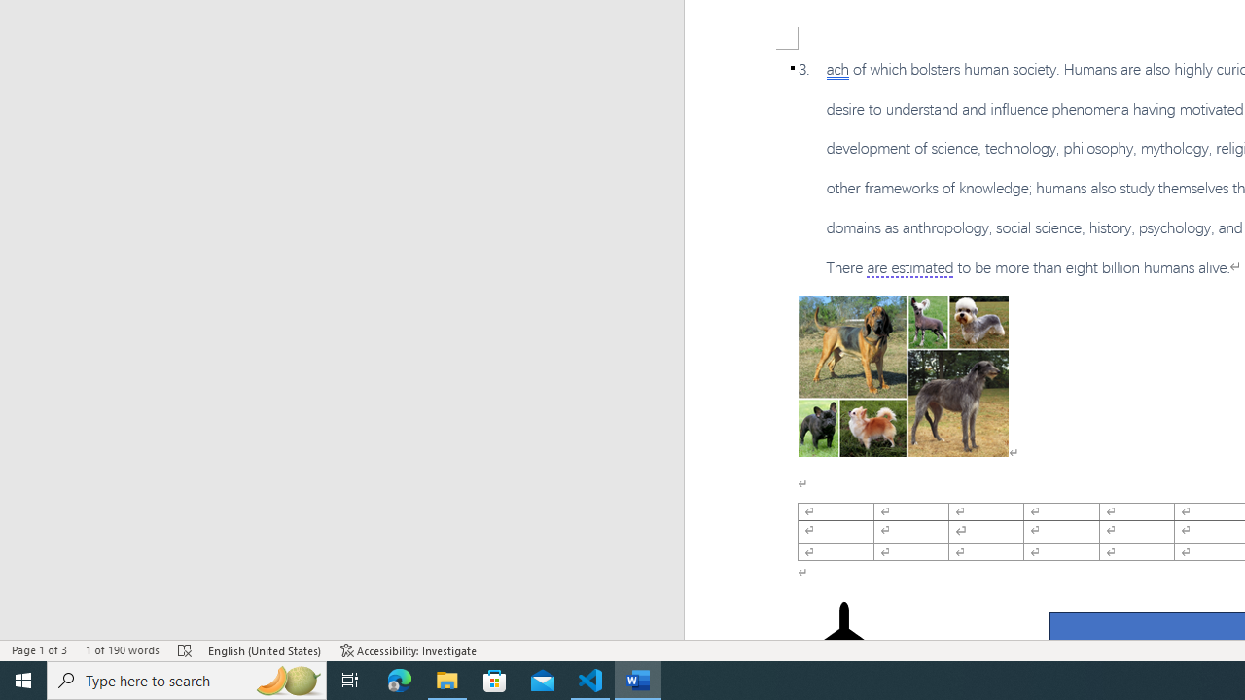  I want to click on 'Accessibility Checker Accessibility: Investigate', so click(408, 650).